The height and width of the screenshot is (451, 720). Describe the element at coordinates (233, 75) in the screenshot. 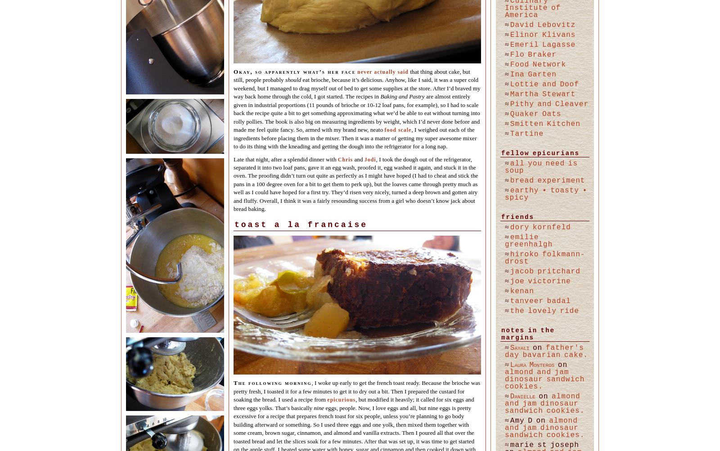

I see `'that thing about cake, but still, people probably'` at that location.